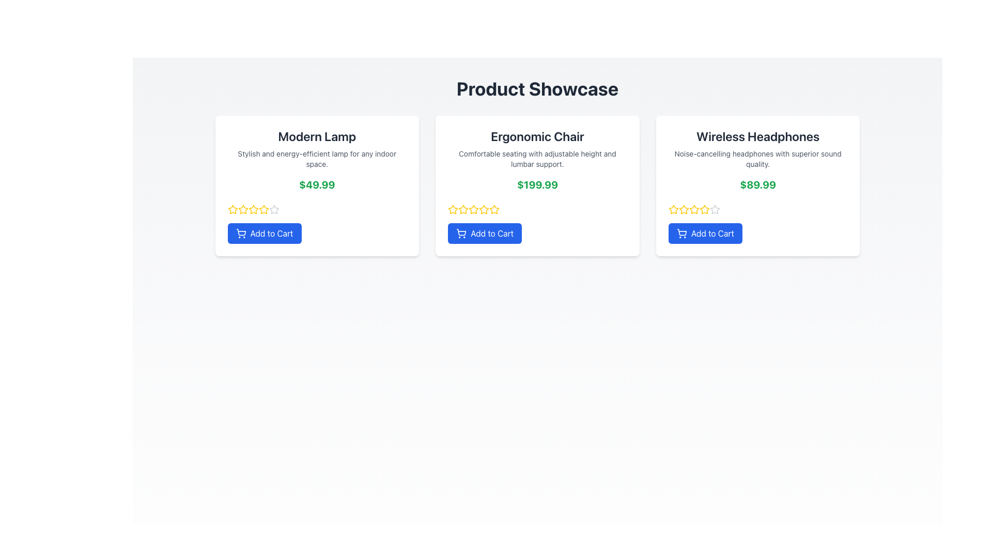 The image size is (992, 558). I want to click on the fifth yellow star-shaped icon, so click(673, 209).